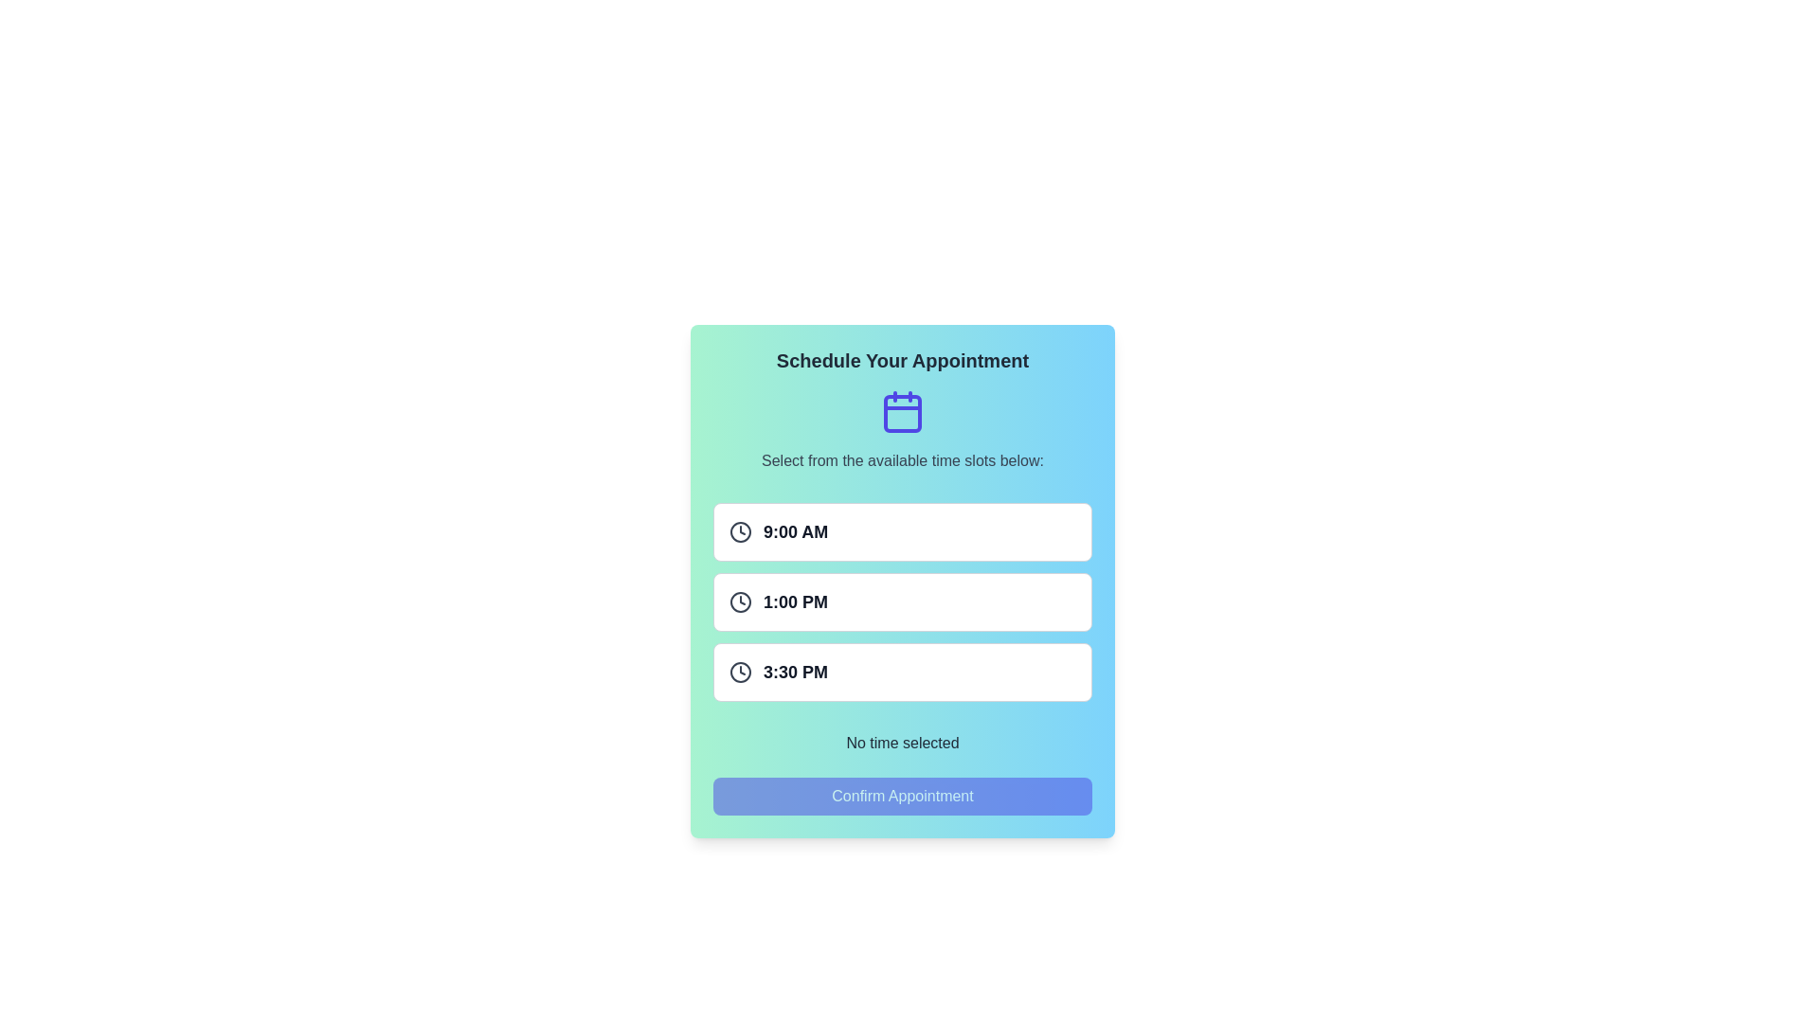  I want to click on the third selectable time slot button for navigation, so click(902, 671).